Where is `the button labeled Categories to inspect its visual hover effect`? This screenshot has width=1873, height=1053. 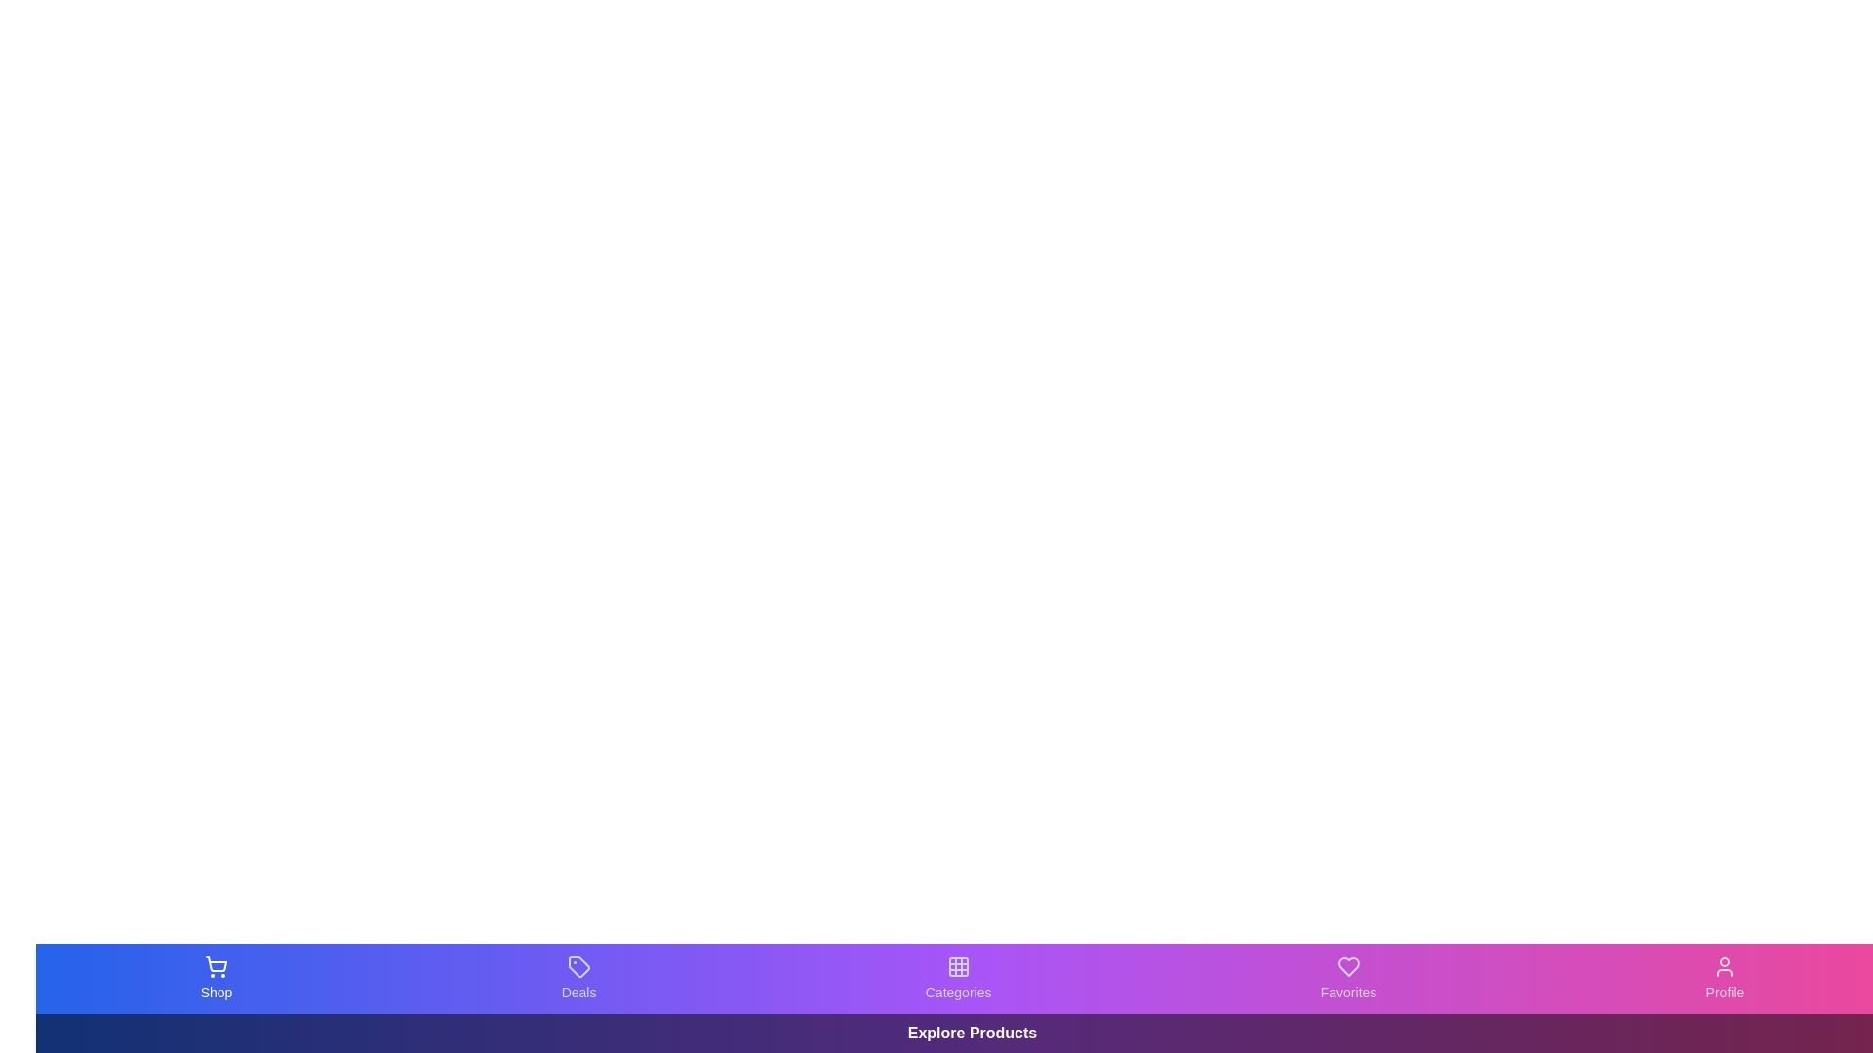 the button labeled Categories to inspect its visual hover effect is located at coordinates (958, 978).